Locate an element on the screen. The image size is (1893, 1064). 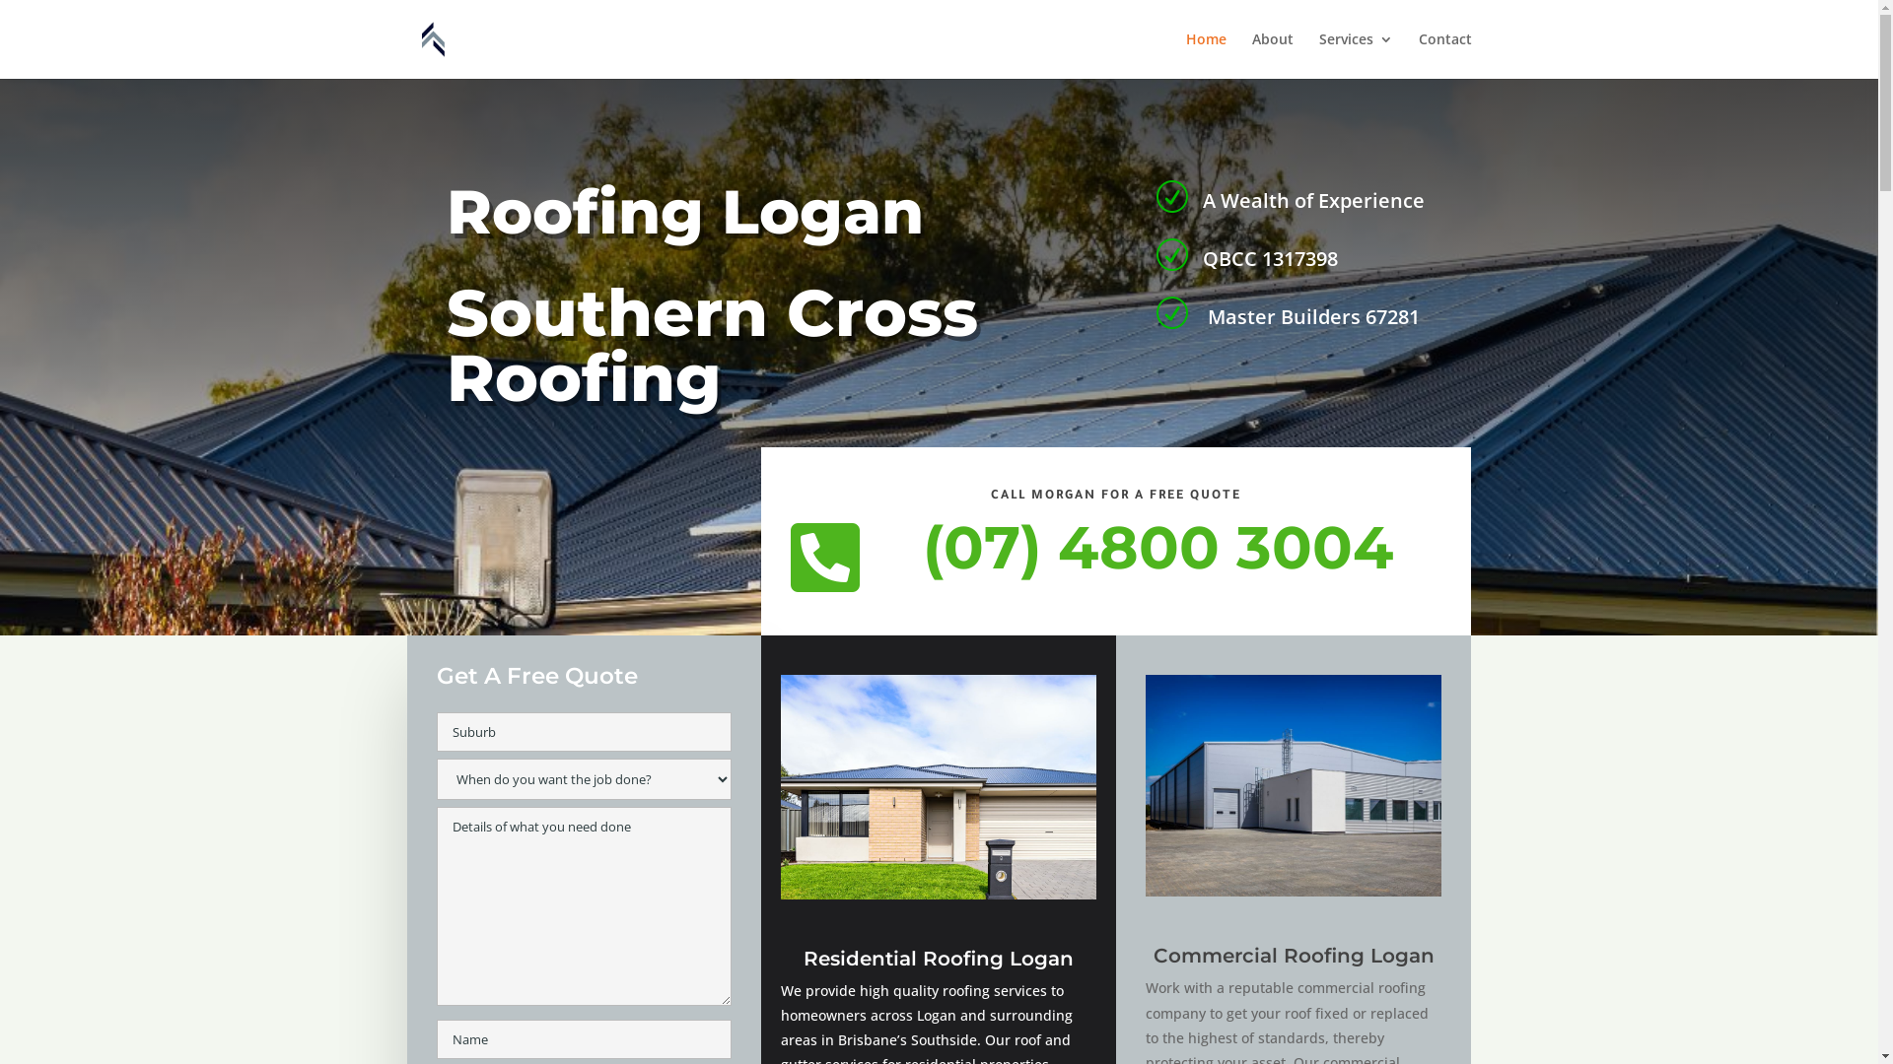
'About' is located at coordinates (1273, 54).